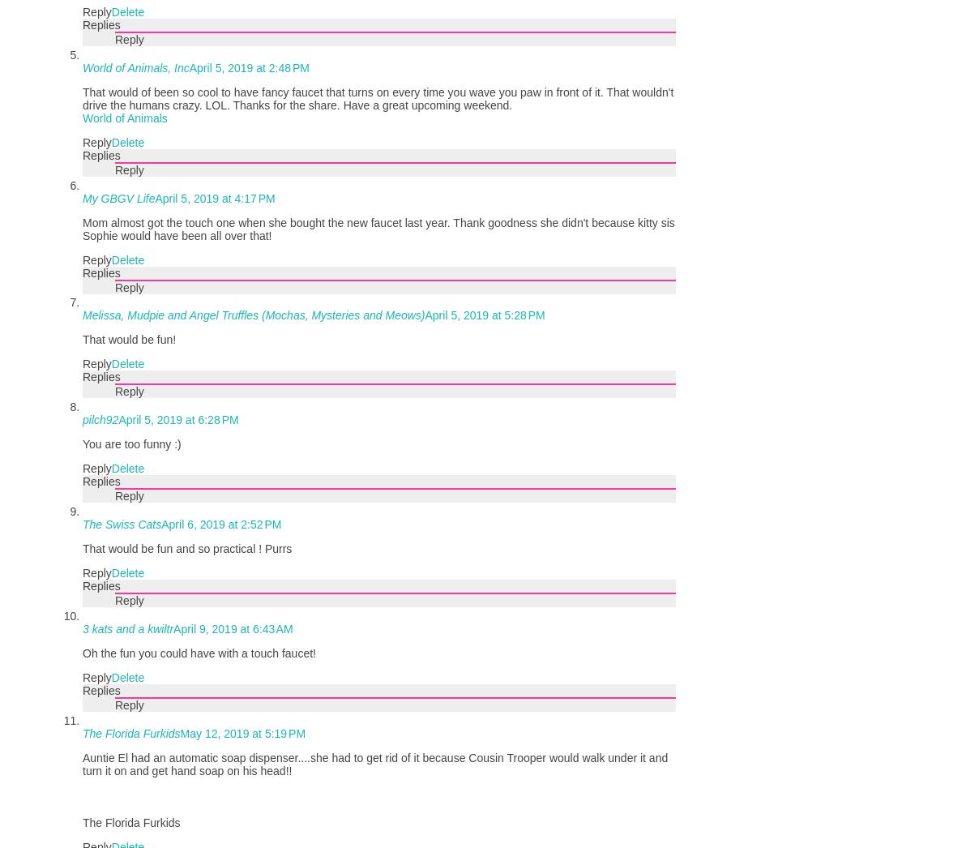  I want to click on 'April 9, 2019 at 6:43 AM', so click(173, 627).